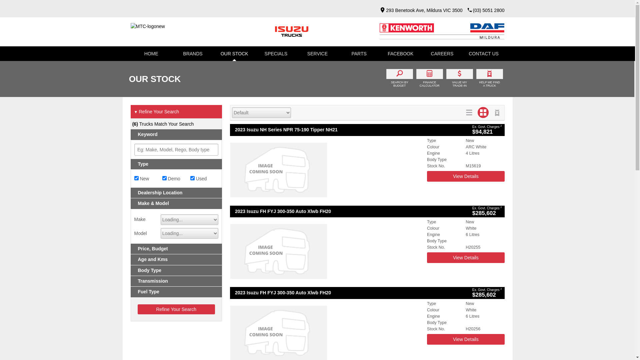  What do you see at coordinates (176, 164) in the screenshot?
I see `'Type'` at bounding box center [176, 164].